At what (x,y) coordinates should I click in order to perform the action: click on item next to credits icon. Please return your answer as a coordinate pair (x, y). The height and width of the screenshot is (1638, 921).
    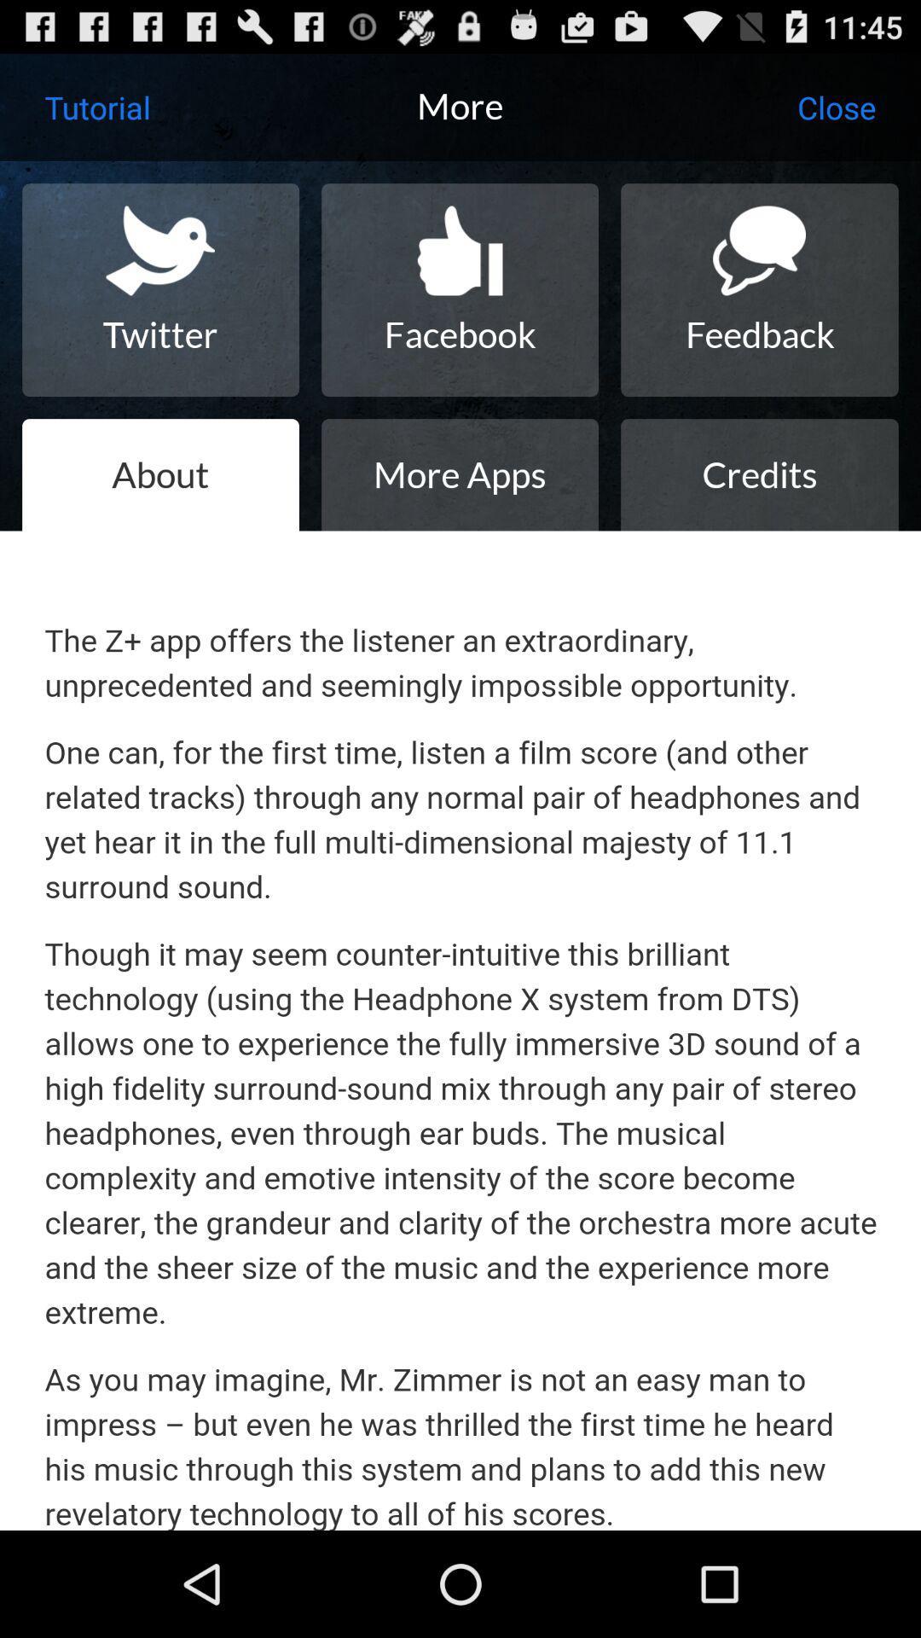
    Looking at the image, I should click on (459, 474).